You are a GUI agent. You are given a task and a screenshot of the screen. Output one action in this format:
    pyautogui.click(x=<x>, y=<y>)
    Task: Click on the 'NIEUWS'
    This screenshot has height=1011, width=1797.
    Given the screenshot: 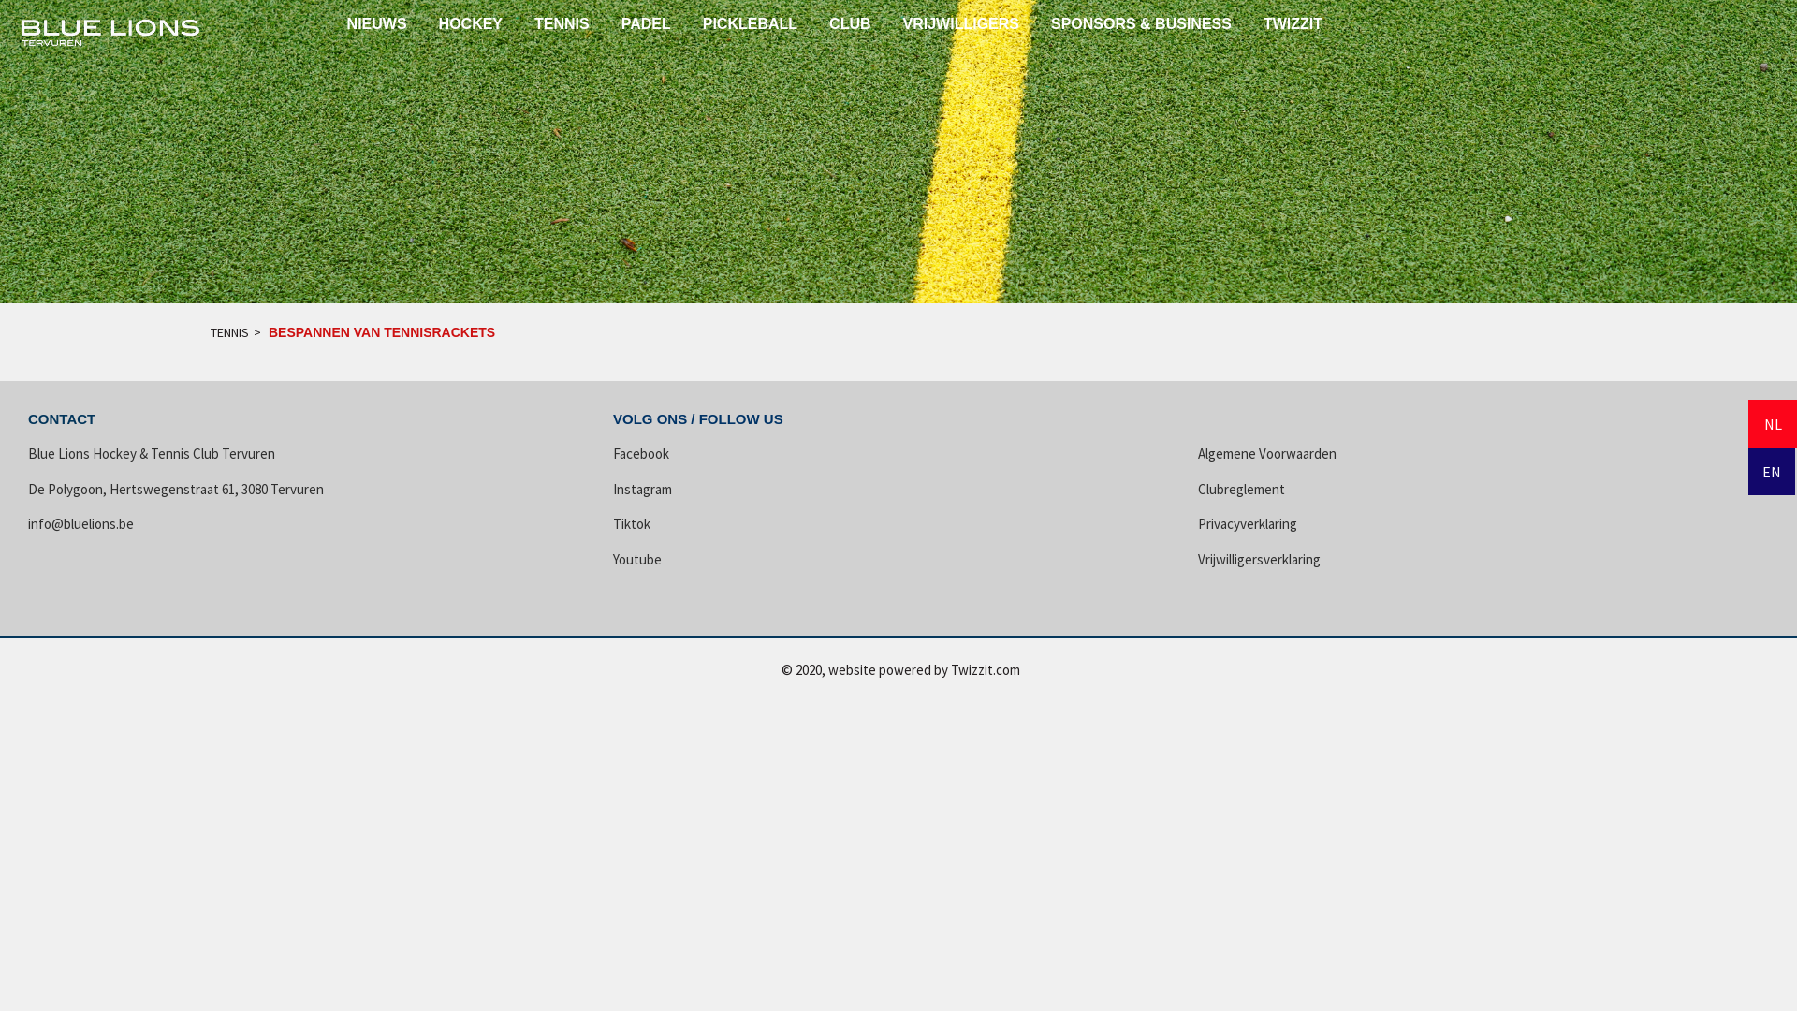 What is the action you would take?
    pyautogui.click(x=376, y=24)
    